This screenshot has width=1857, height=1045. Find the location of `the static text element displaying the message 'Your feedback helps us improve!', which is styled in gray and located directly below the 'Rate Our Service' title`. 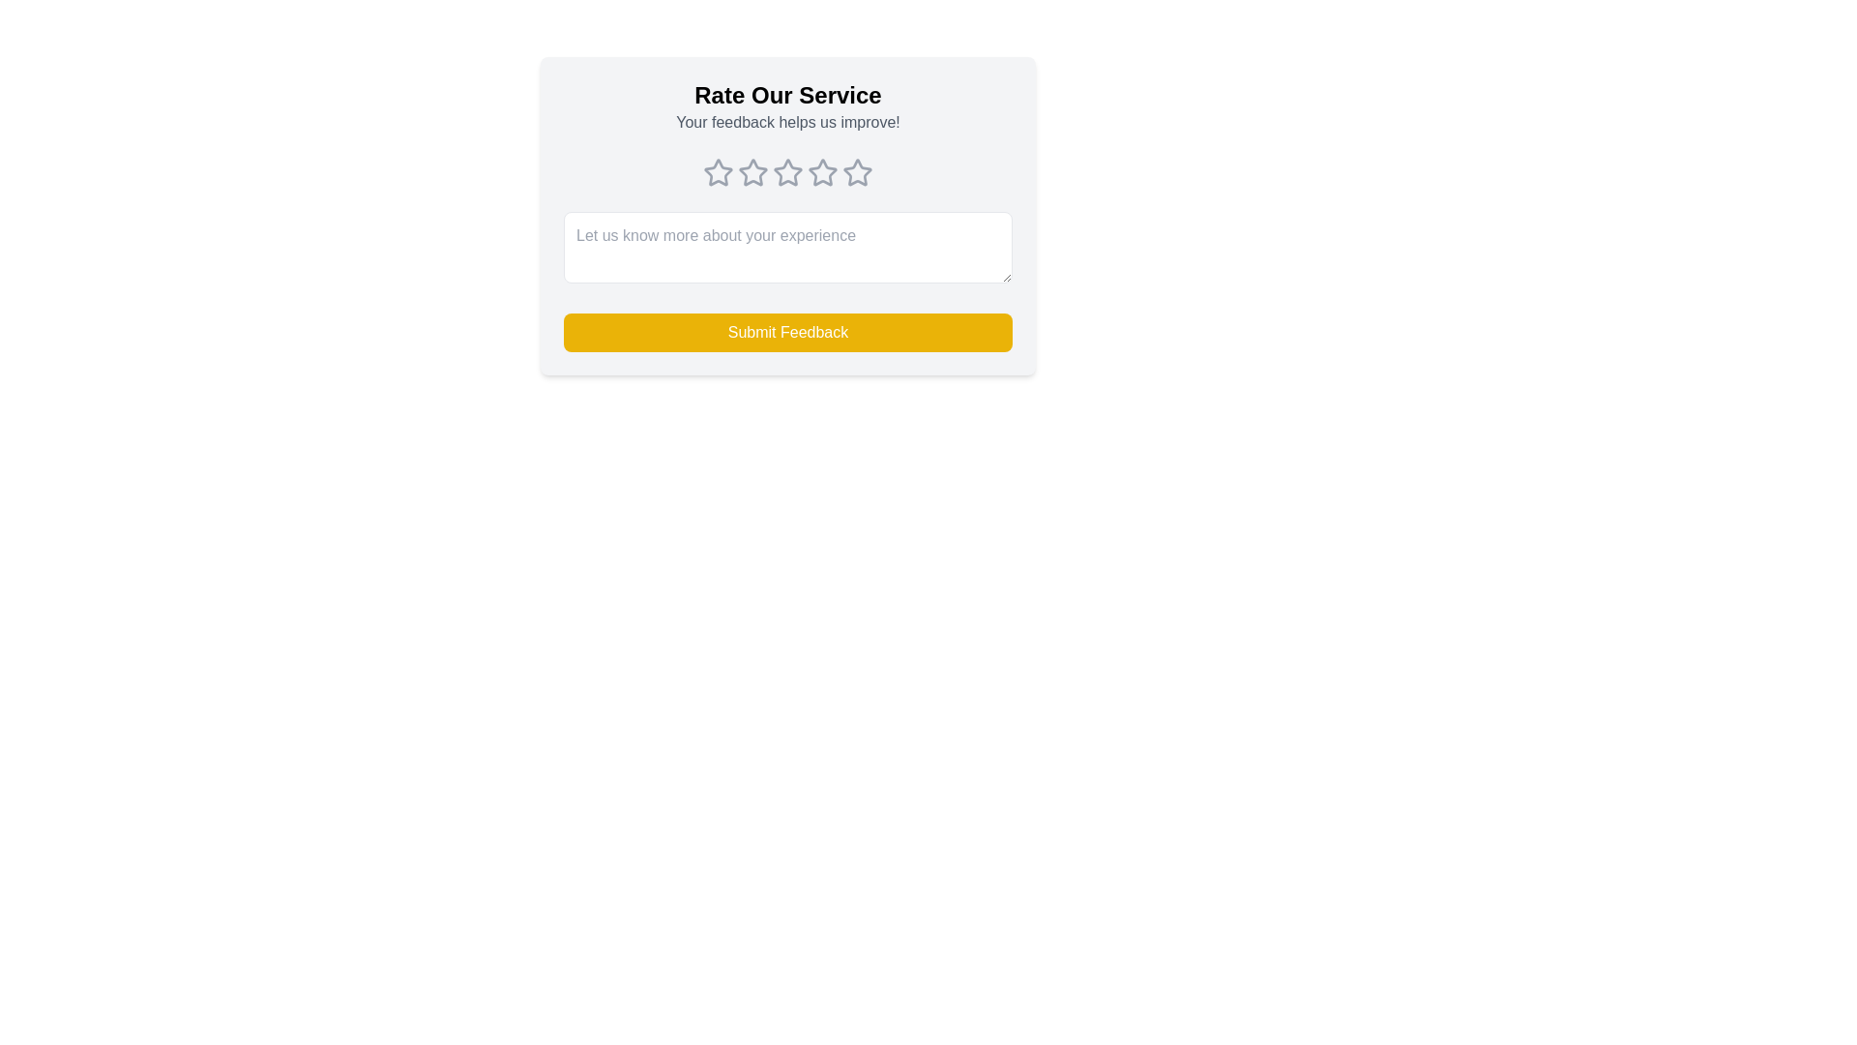

the static text element displaying the message 'Your feedback helps us improve!', which is styled in gray and located directly below the 'Rate Our Service' title is located at coordinates (788, 123).